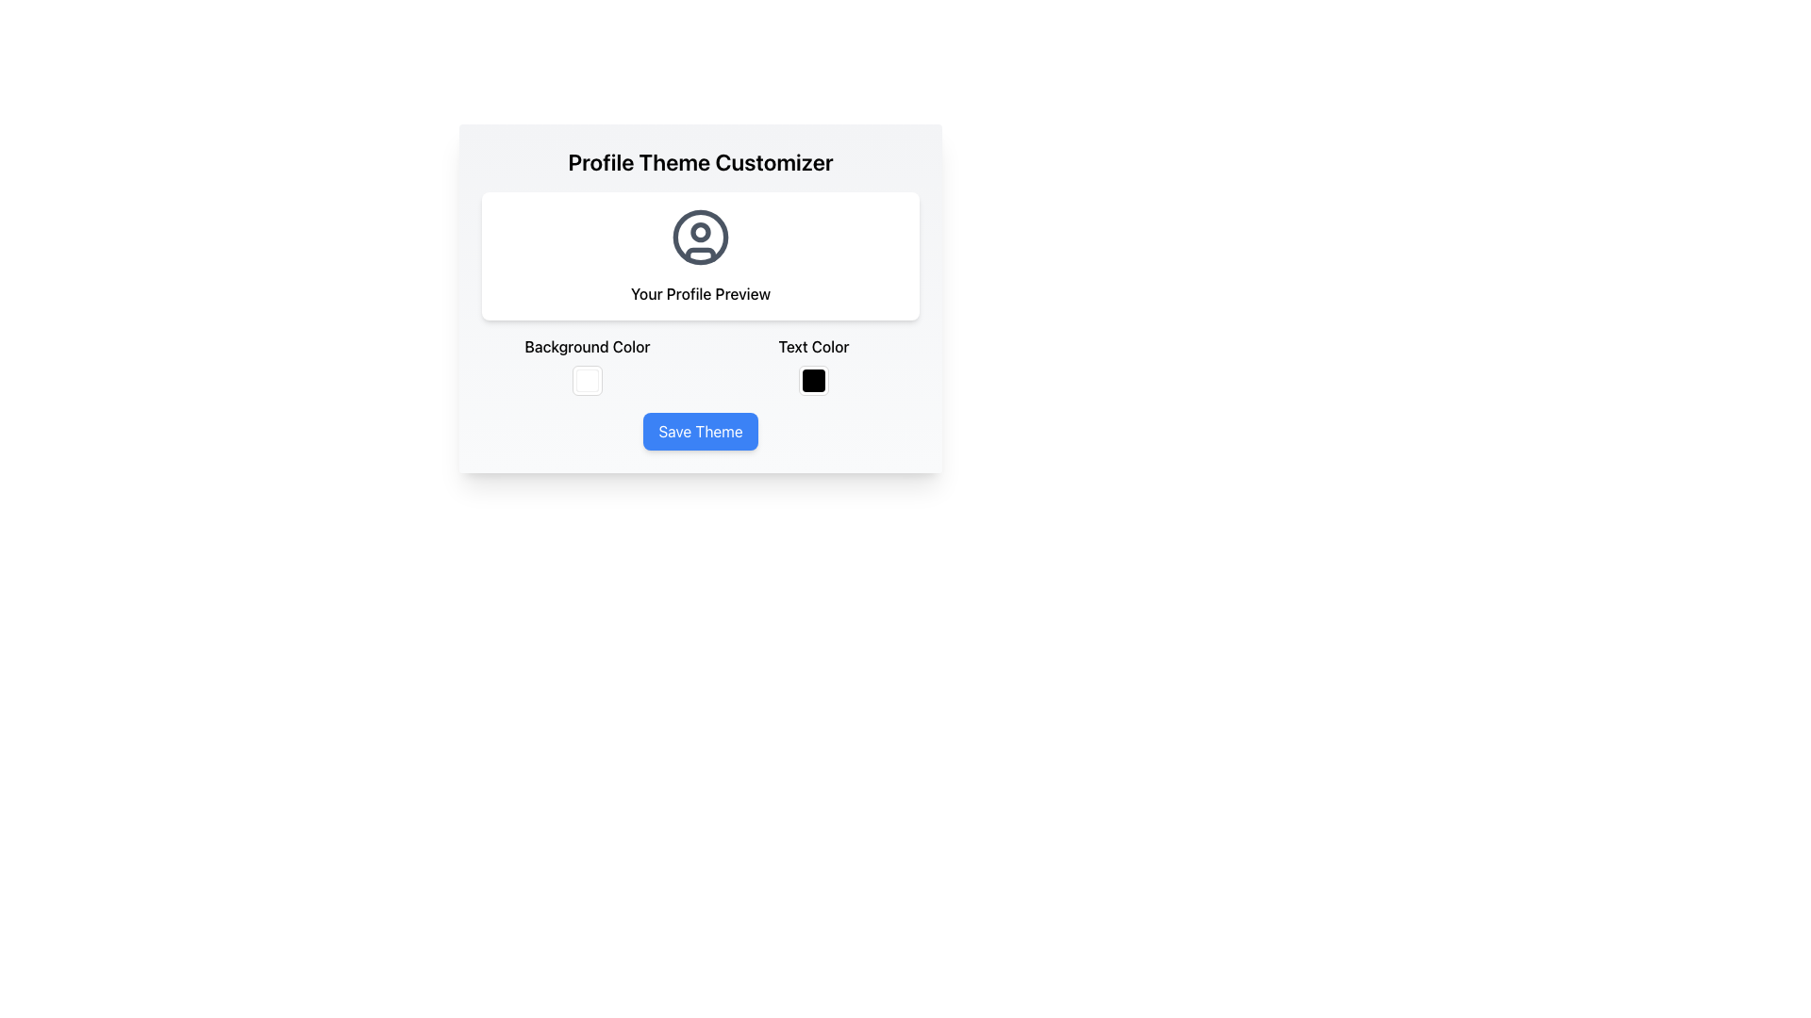 This screenshot has height=1018, width=1811. Describe the element at coordinates (587, 381) in the screenshot. I see `the small square white button with a subtle light border located in the 'Background Color' section of the 'Profile Theme Customizer' panel` at that location.